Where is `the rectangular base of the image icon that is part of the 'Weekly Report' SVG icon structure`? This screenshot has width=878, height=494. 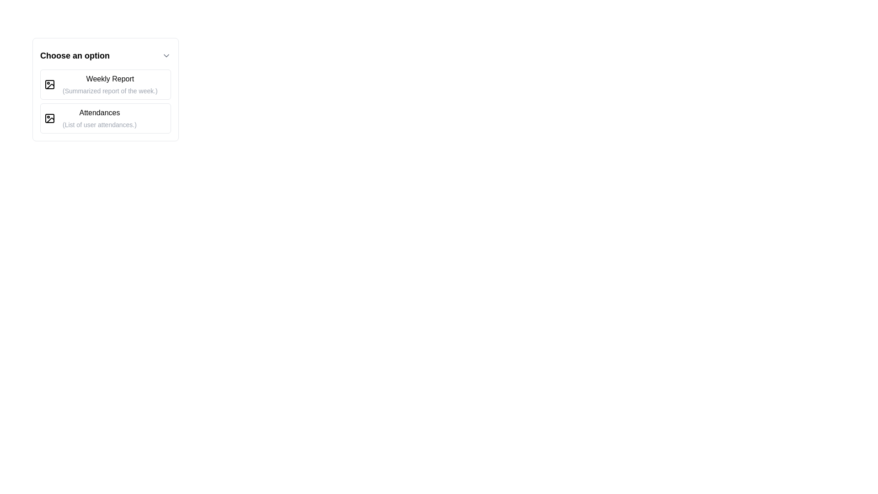 the rectangular base of the image icon that is part of the 'Weekly Report' SVG icon structure is located at coordinates (49, 85).